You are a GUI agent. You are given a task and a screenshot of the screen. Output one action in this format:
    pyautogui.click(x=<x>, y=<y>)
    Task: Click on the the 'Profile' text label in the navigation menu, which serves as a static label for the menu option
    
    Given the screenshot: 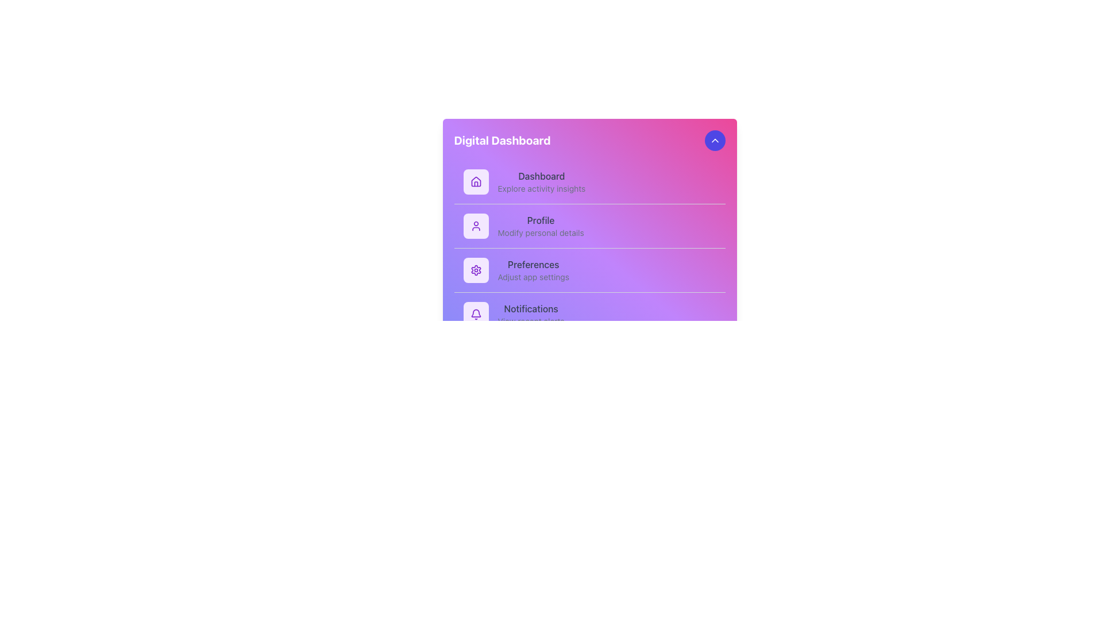 What is the action you would take?
    pyautogui.click(x=540, y=220)
    